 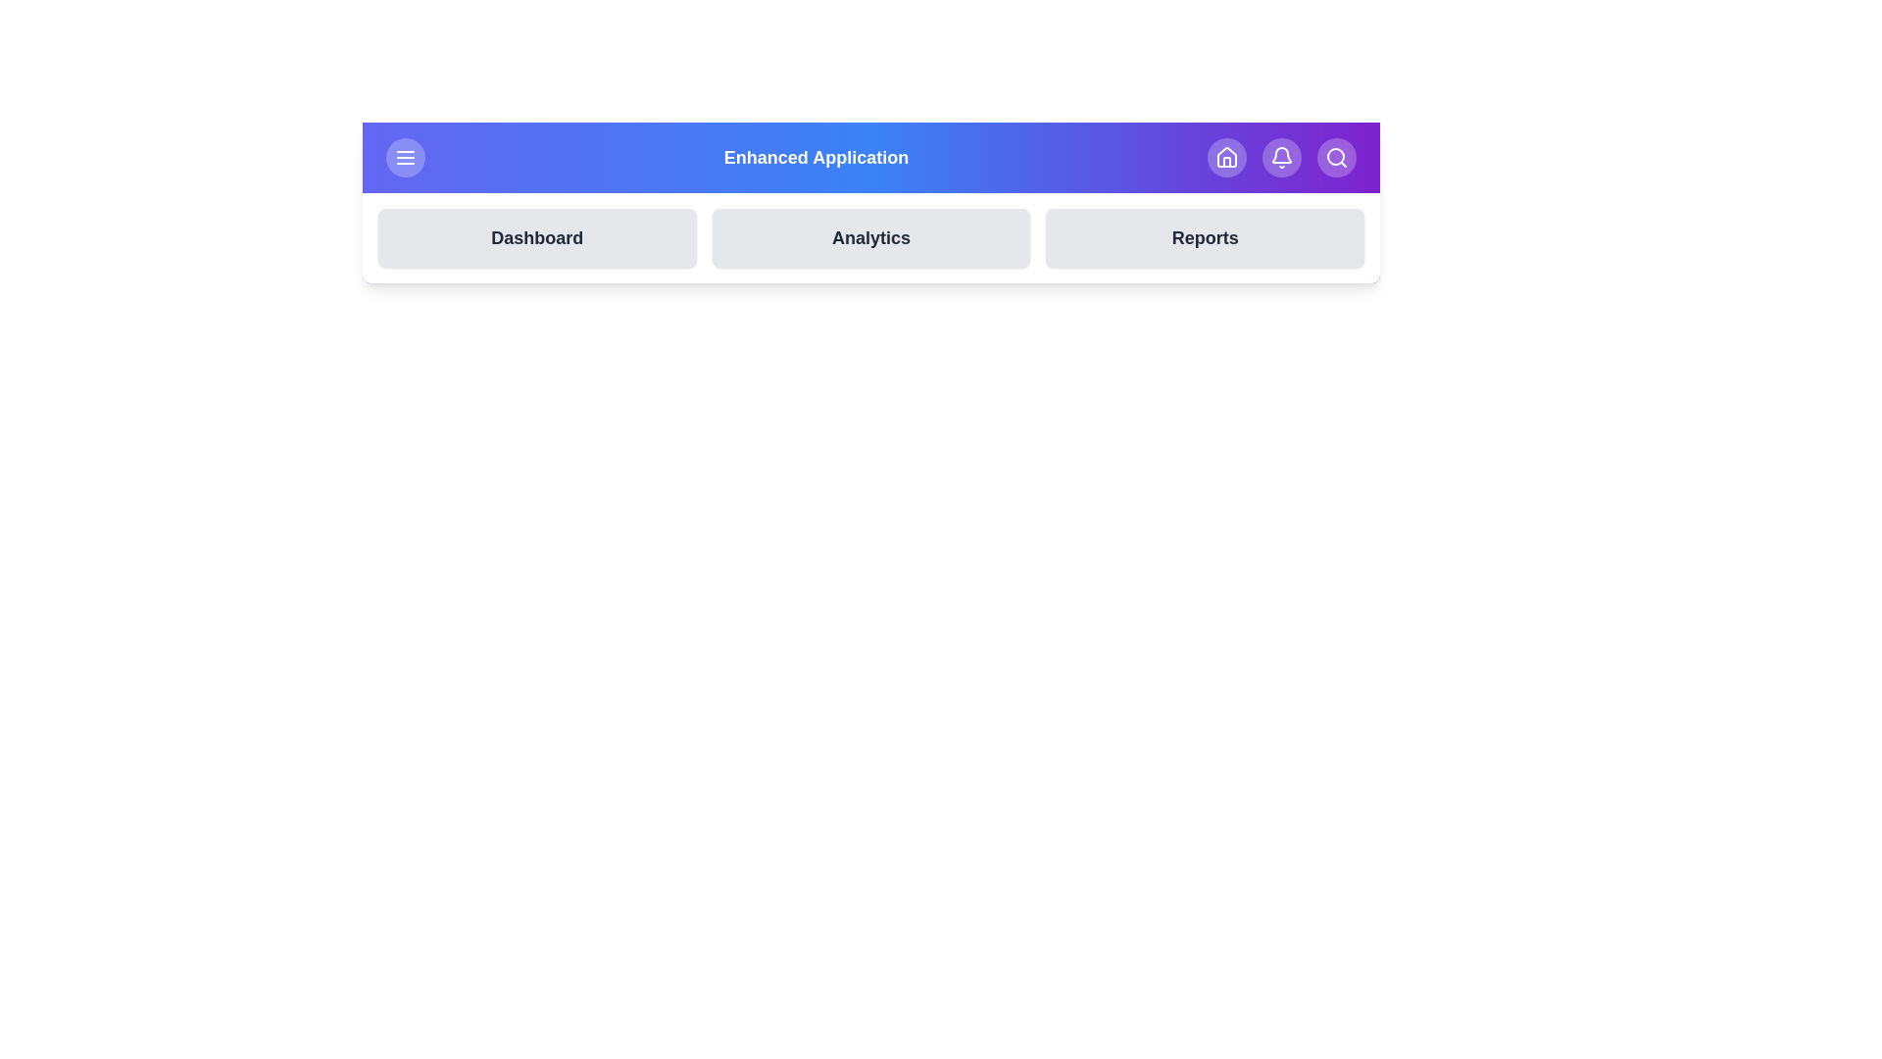 What do you see at coordinates (1204, 237) in the screenshot?
I see `the 'Reports' button` at bounding box center [1204, 237].